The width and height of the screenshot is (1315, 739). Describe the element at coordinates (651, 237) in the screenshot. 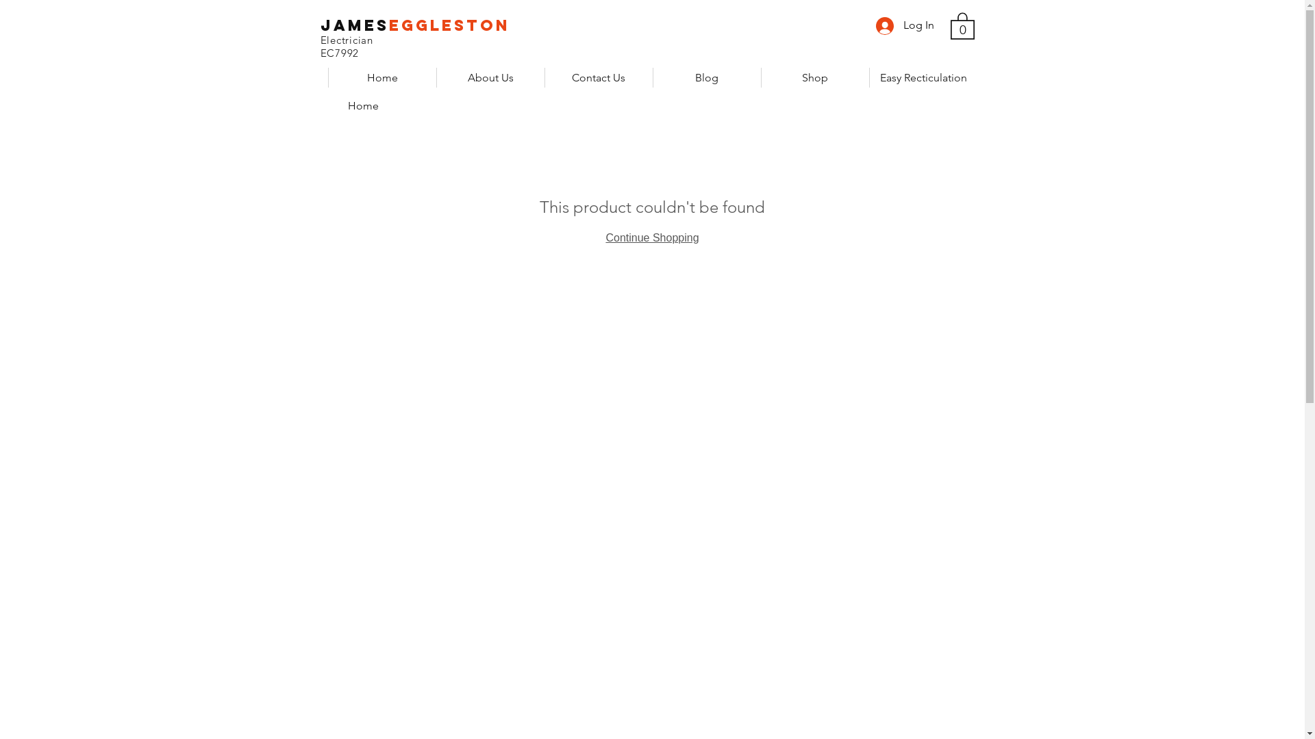

I see `'Continue Shopping'` at that location.